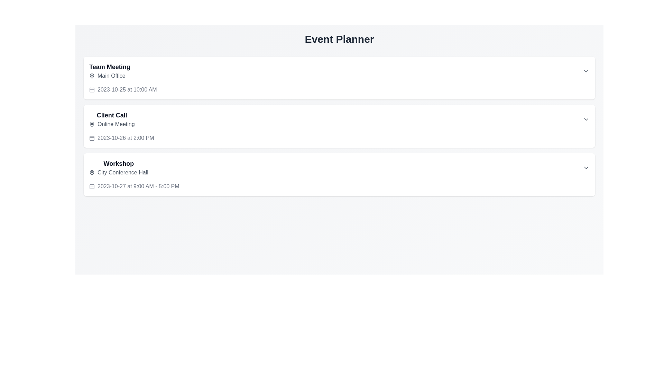  What do you see at coordinates (112, 115) in the screenshot?
I see `the 'Client Call' text label, which is styled with bold typography in dark gray and is positioned within the second event panel` at bounding box center [112, 115].